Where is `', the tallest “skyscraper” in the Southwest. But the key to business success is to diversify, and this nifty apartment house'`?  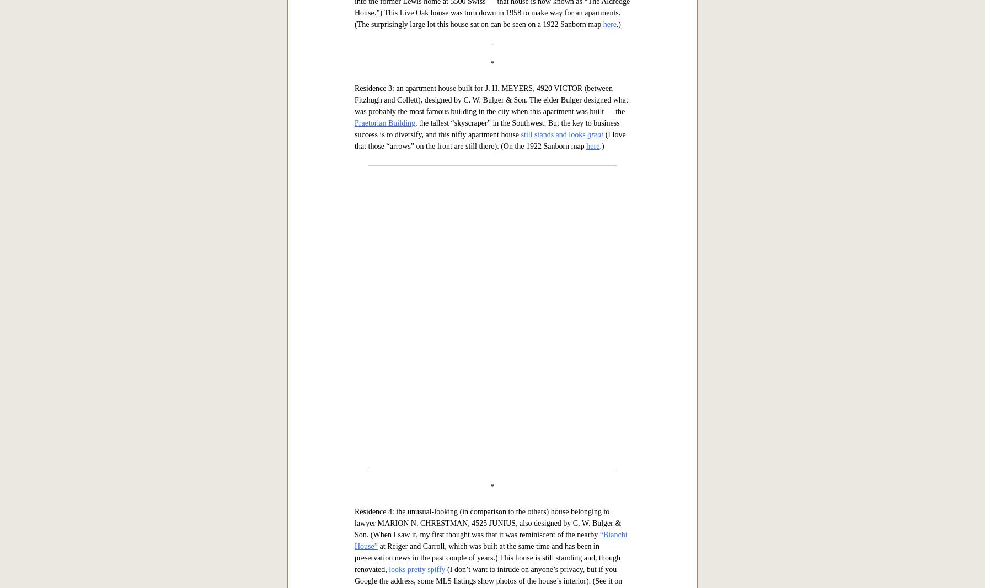 ', the tallest “skyscraper” in the Southwest. But the key to business success is to diversify, and this nifty apartment house' is located at coordinates (486, 473).